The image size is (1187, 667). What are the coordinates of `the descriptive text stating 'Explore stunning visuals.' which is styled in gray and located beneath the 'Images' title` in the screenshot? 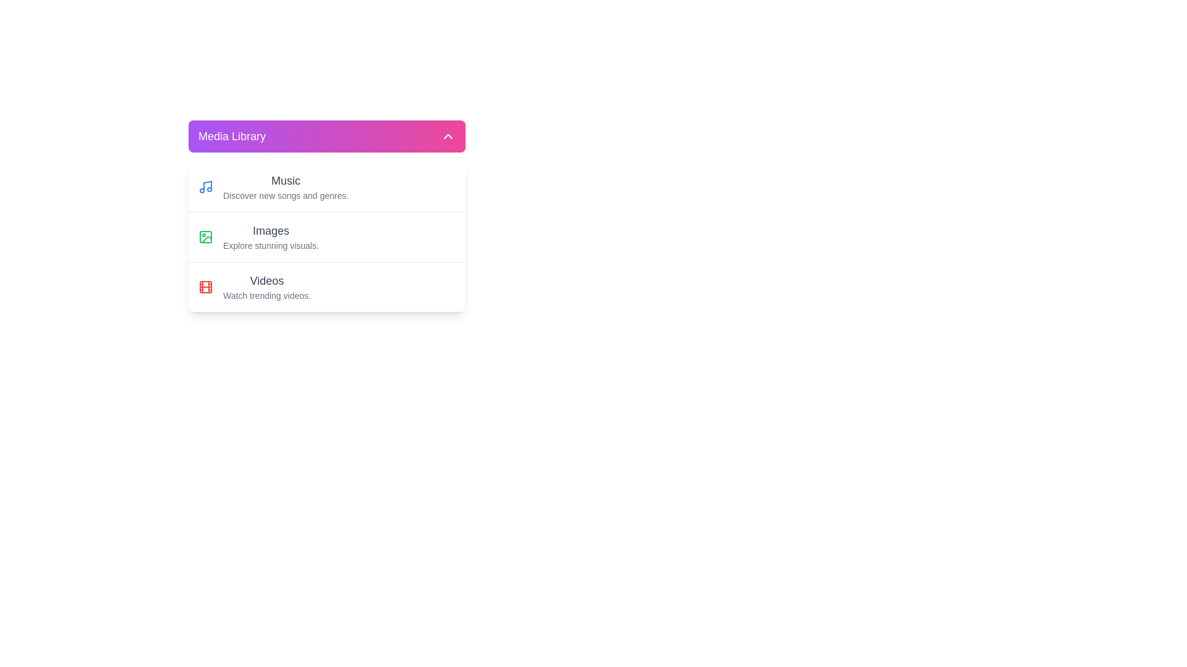 It's located at (270, 245).